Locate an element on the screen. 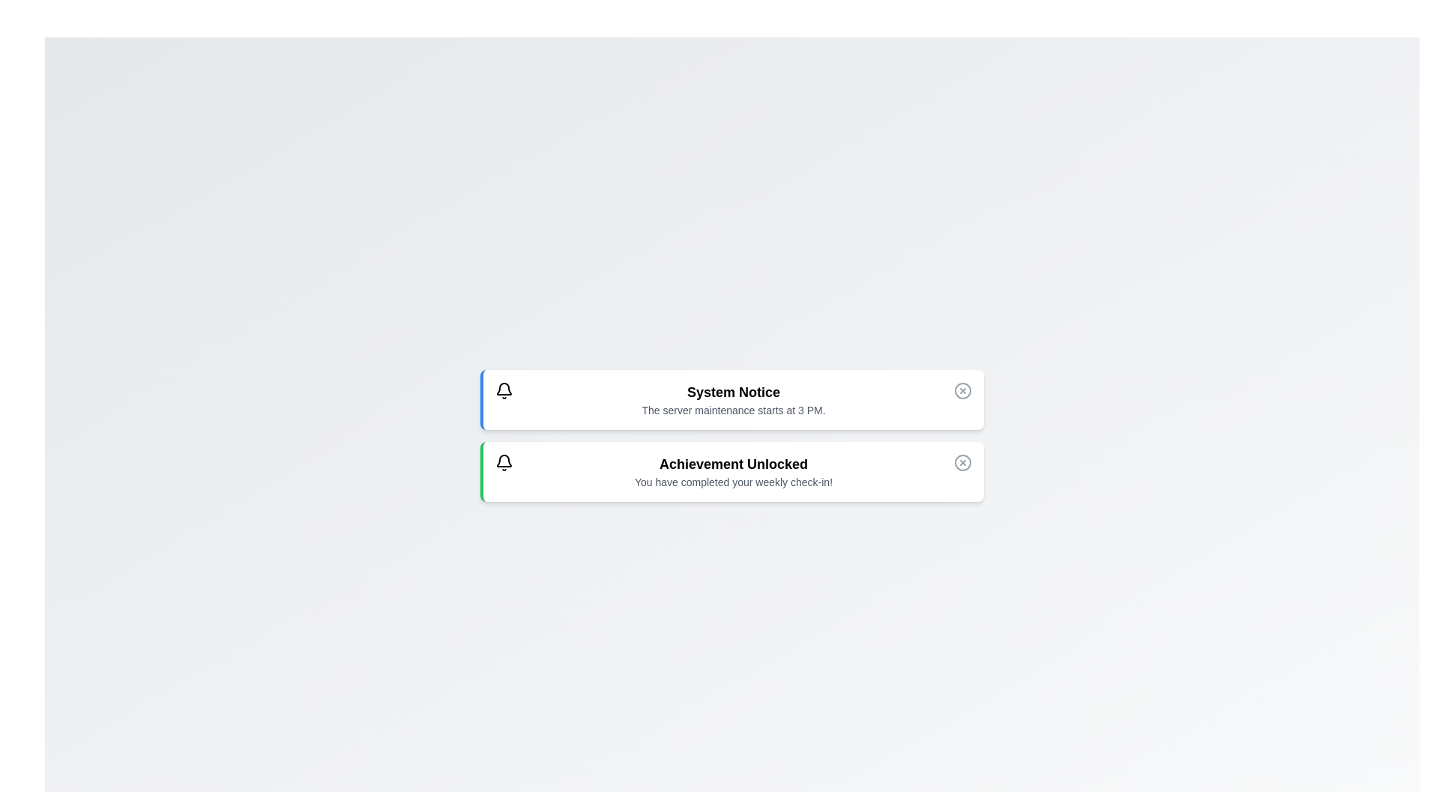  close icon of the notification with title 'Achievement Unlocked' is located at coordinates (963, 461).